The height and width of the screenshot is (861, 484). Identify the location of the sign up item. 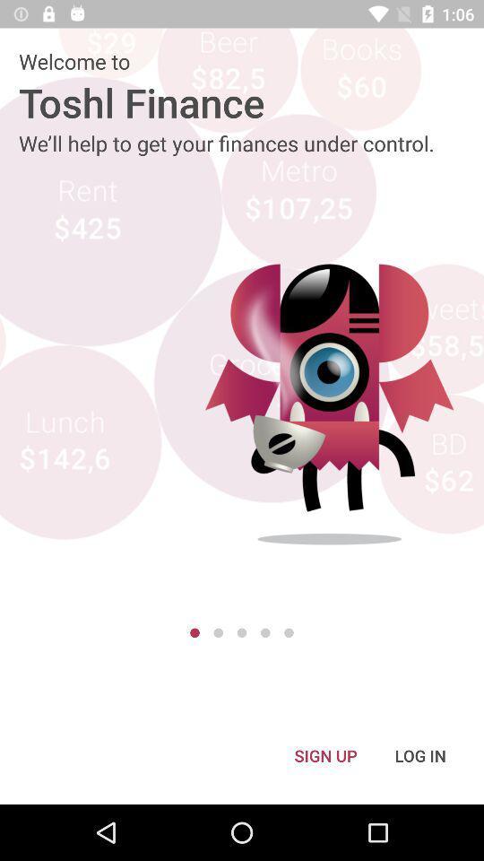
(324, 754).